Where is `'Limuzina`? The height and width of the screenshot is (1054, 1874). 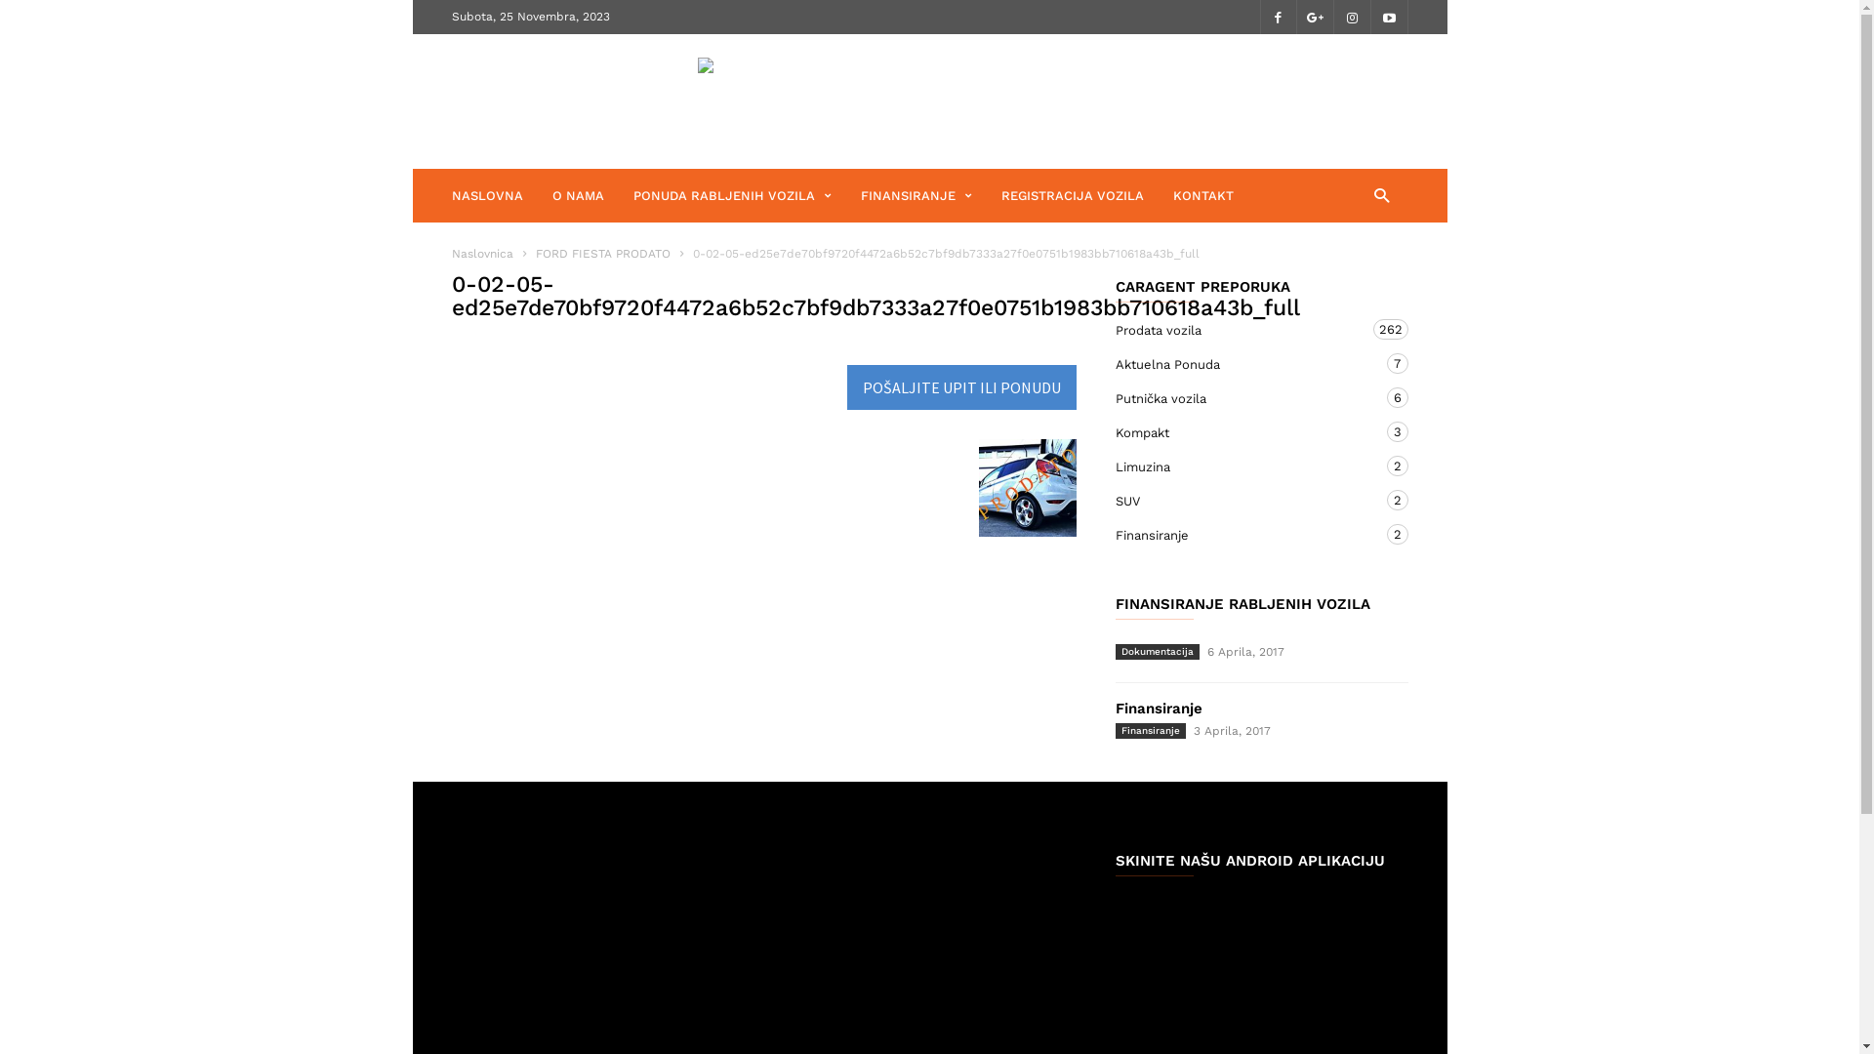 'Limuzina is located at coordinates (1241, 466).